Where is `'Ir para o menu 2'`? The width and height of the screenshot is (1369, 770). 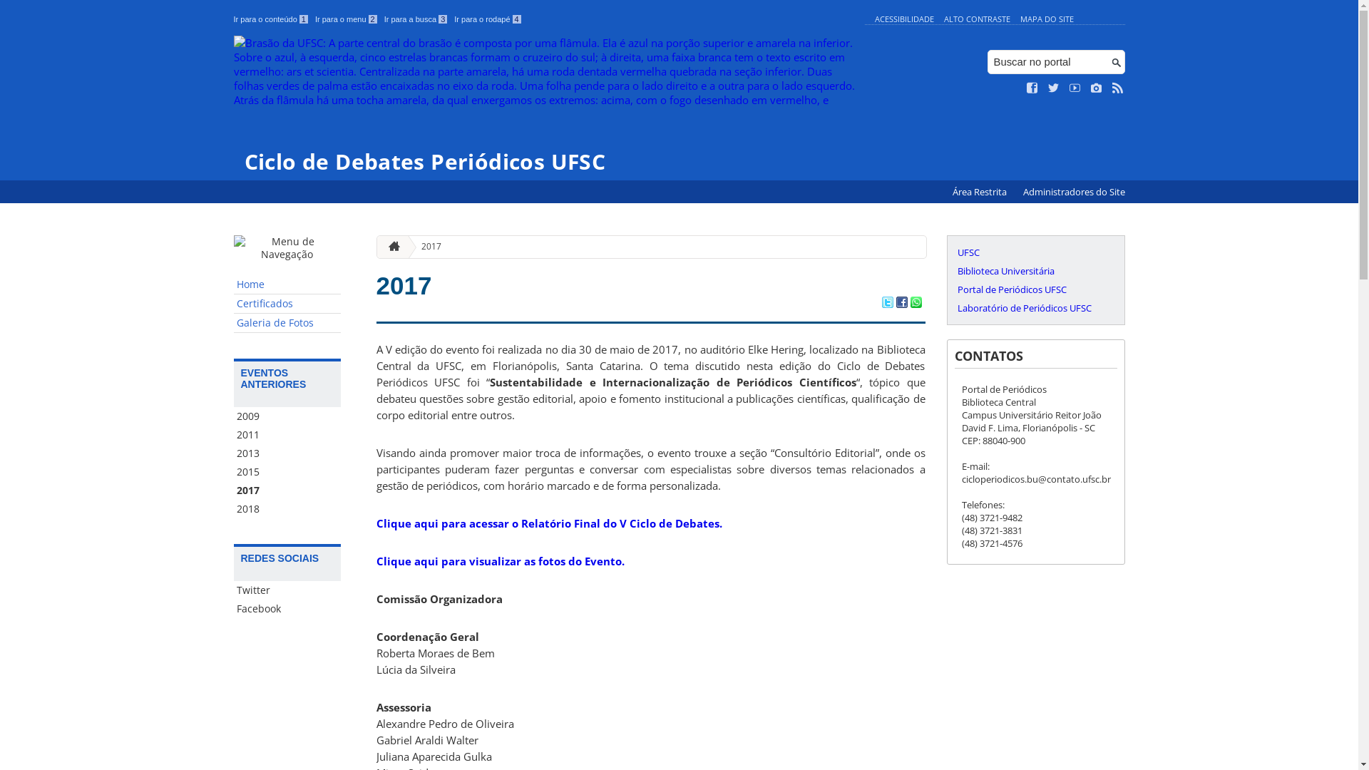 'Ir para o menu 2' is located at coordinates (346, 19).